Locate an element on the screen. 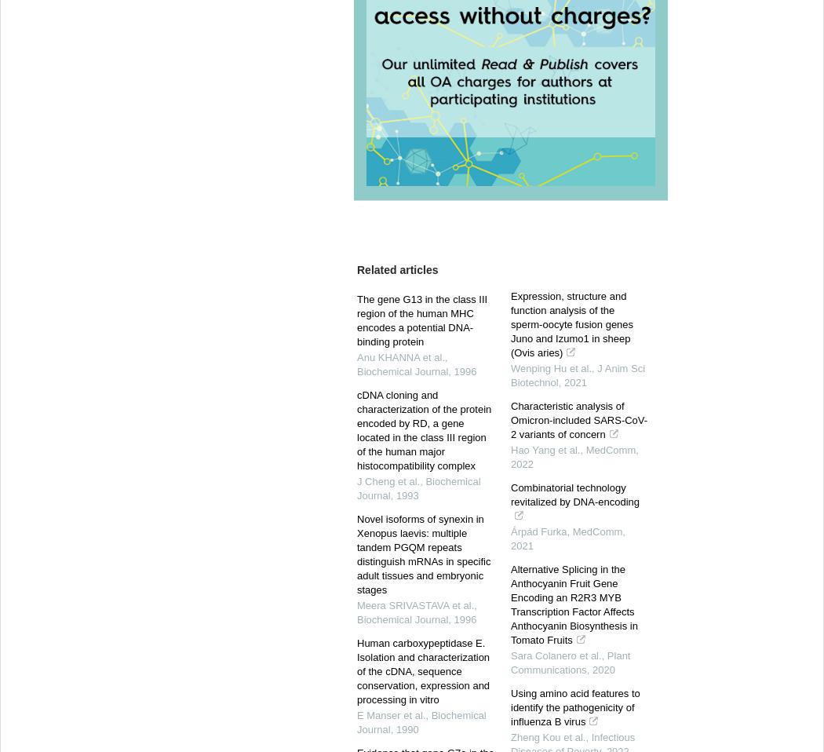  'Using amino acid features to identify the pathogenicity of influenza B virus' is located at coordinates (574, 707).